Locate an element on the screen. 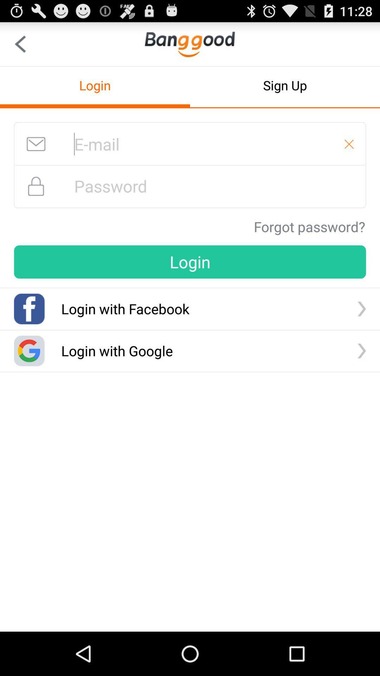  out email is located at coordinates (349, 144).